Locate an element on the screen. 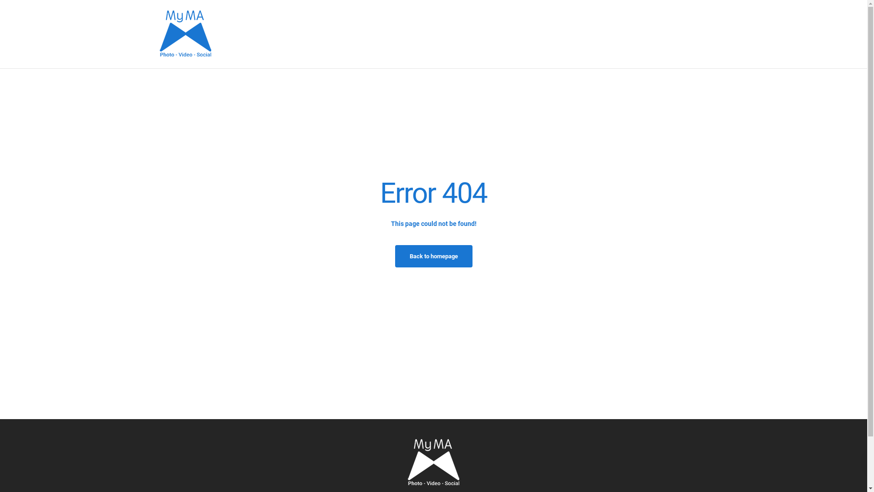  'Back to homepage' is located at coordinates (433, 256).